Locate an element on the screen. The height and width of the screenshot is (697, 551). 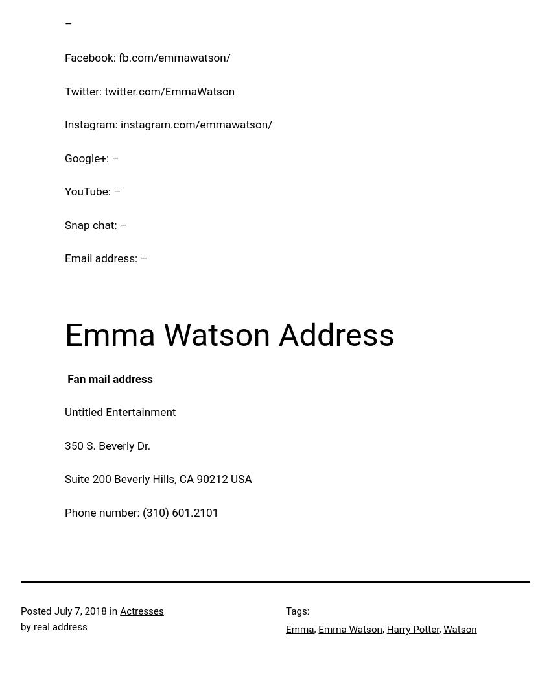
'Watson' is located at coordinates (459, 629).